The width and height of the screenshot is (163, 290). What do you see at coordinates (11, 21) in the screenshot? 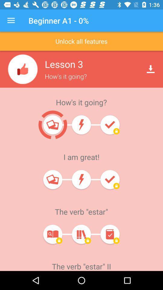
I see `app to the left of the beginner a1 - 0%` at bounding box center [11, 21].